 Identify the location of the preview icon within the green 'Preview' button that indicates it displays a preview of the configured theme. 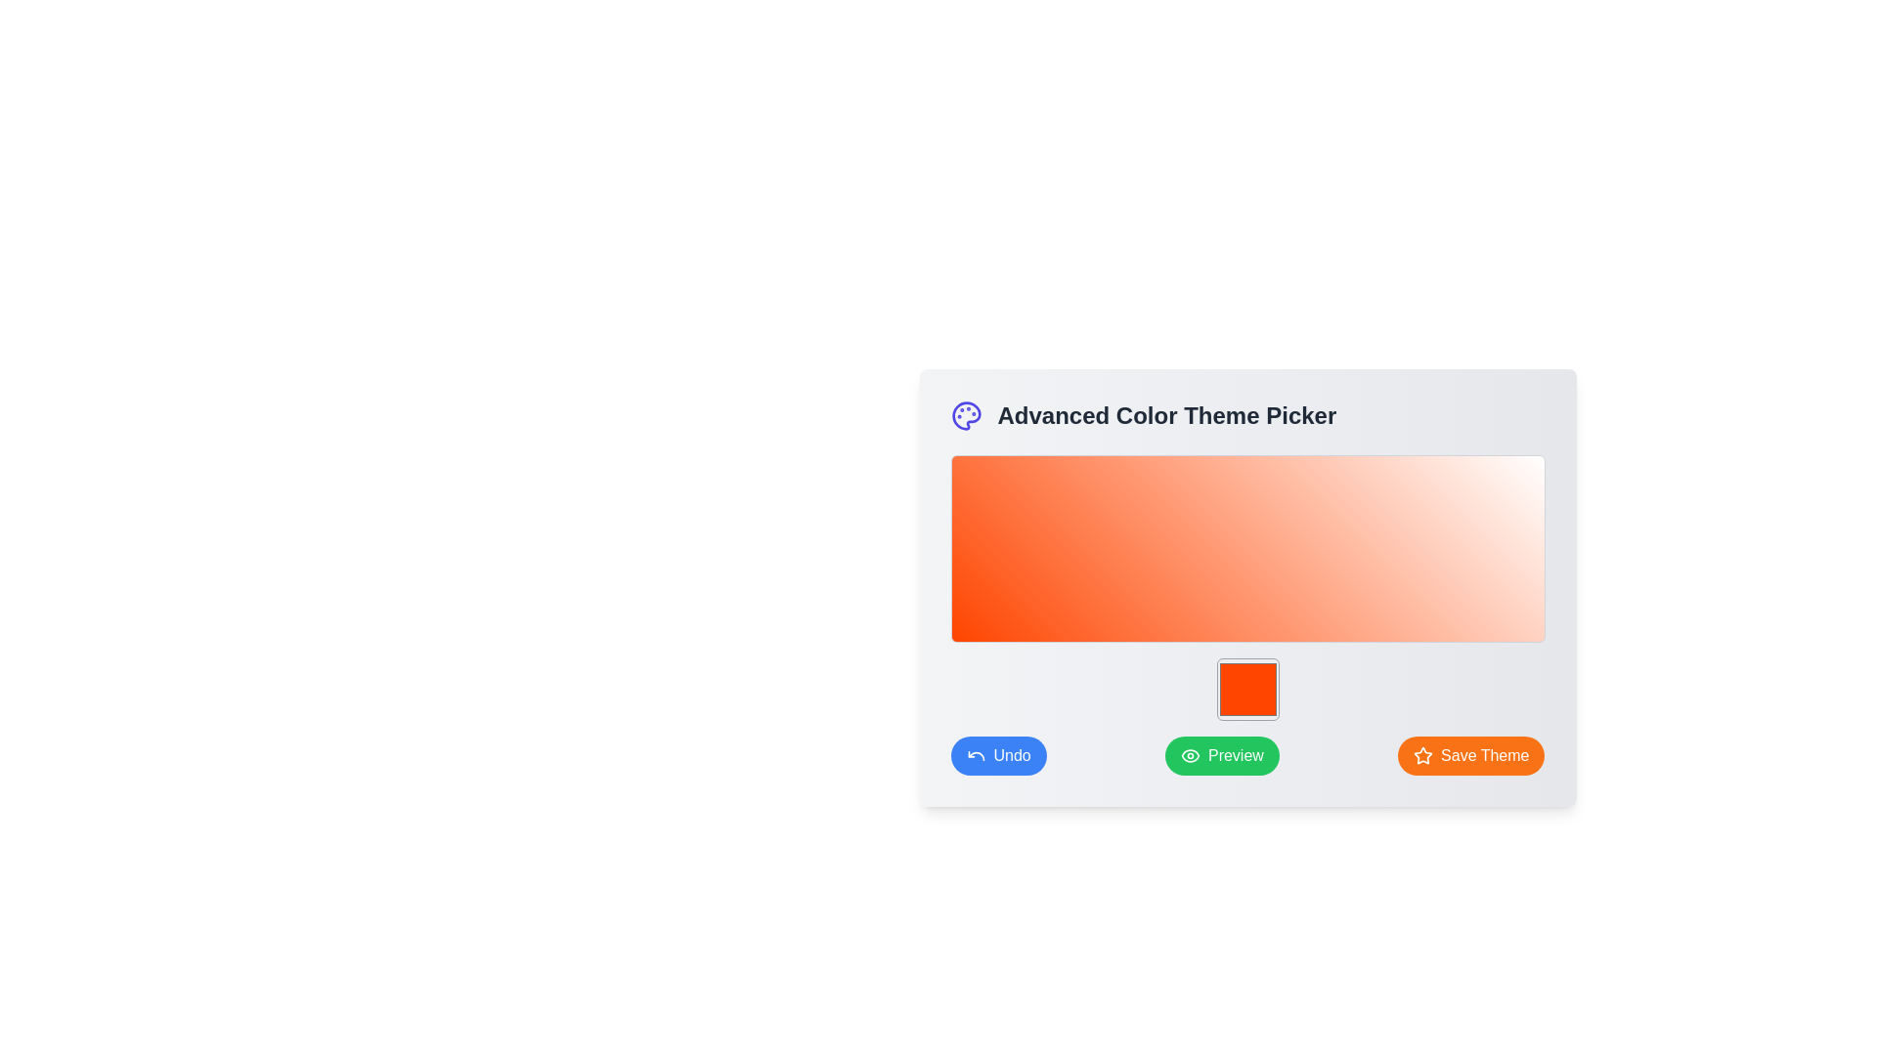
(1189, 755).